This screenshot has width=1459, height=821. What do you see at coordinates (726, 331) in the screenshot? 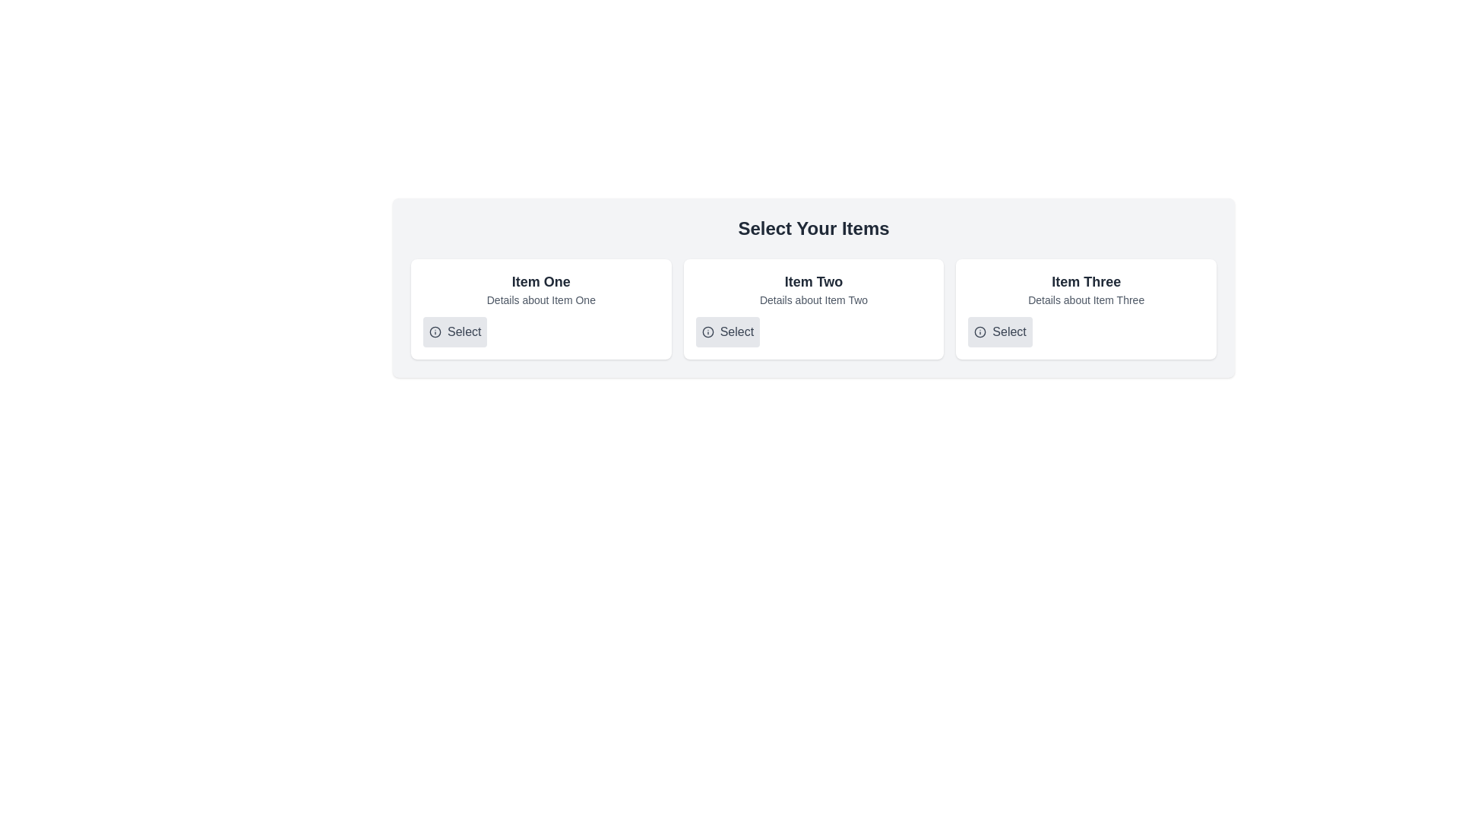
I see `the selection button located at the bottom of the card labeled 'Item Two'` at bounding box center [726, 331].